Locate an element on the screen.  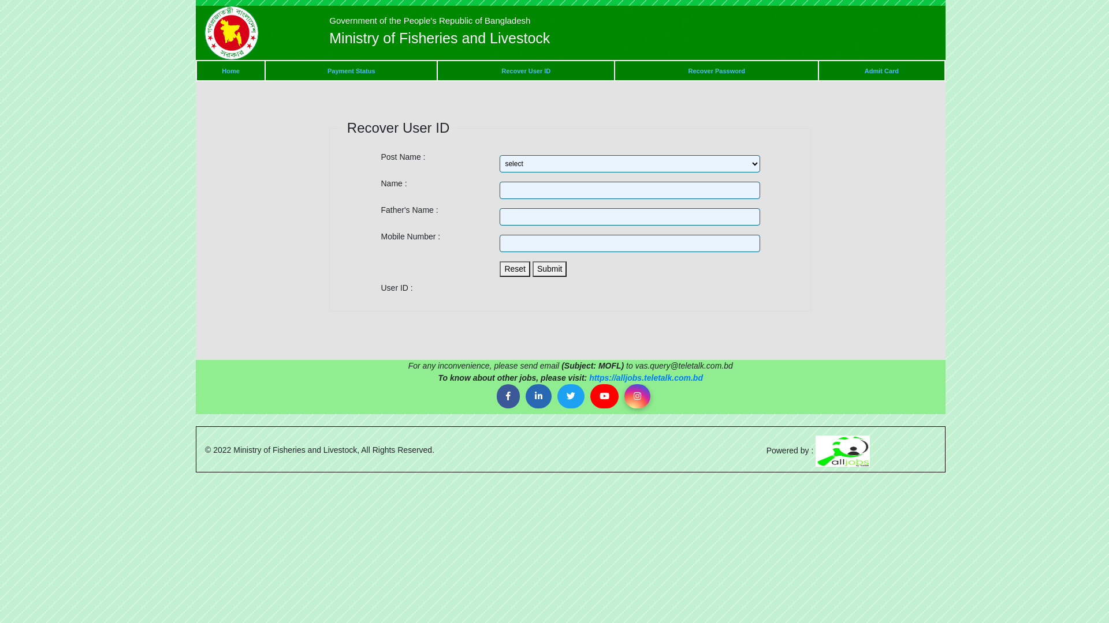
'Instagram' is located at coordinates (637, 396).